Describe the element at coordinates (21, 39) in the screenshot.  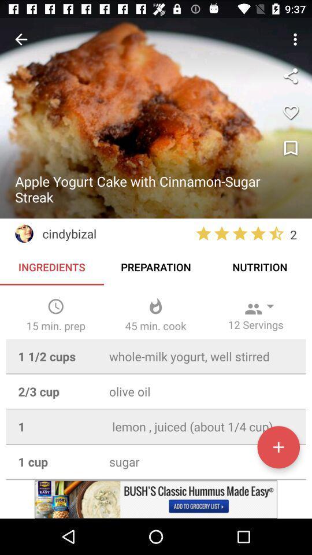
I see `back` at that location.